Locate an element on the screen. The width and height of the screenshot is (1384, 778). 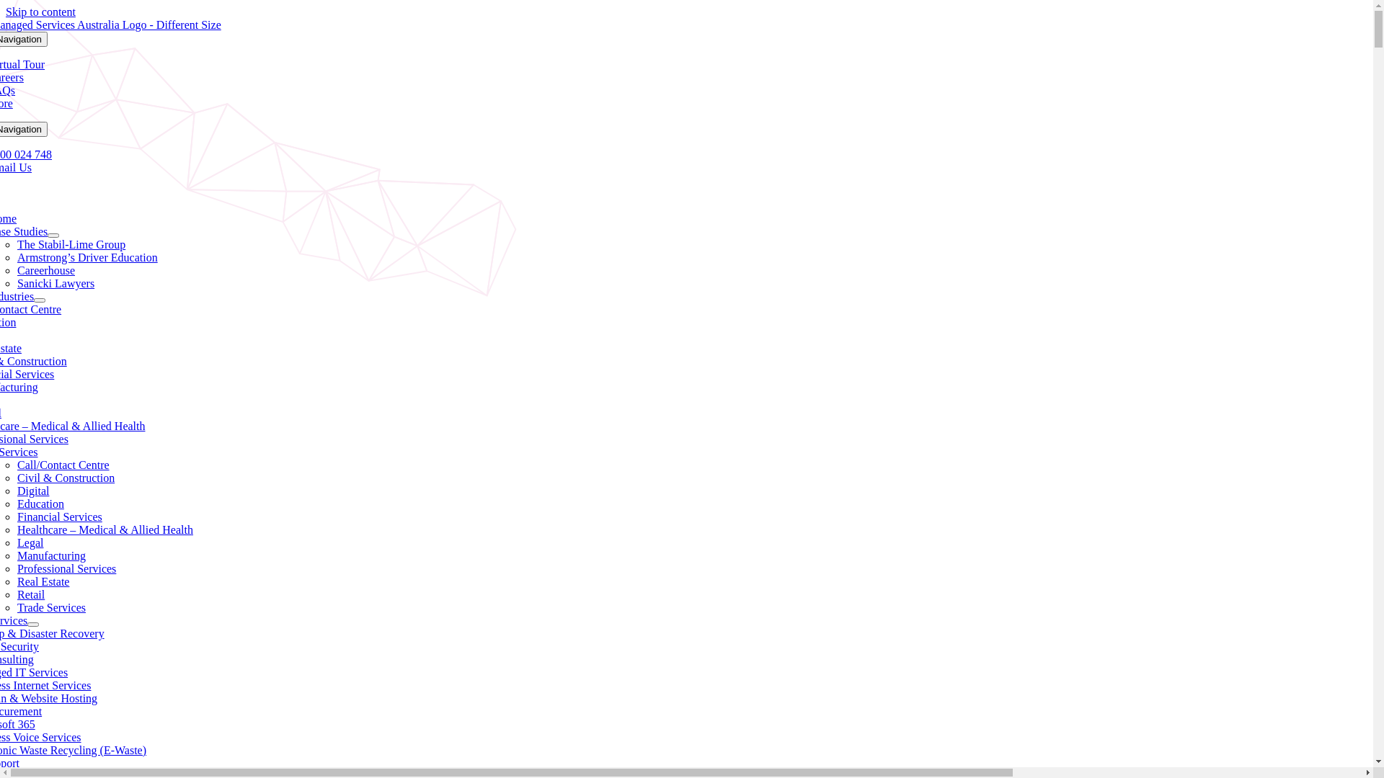
'Professional Services' is located at coordinates (66, 568).